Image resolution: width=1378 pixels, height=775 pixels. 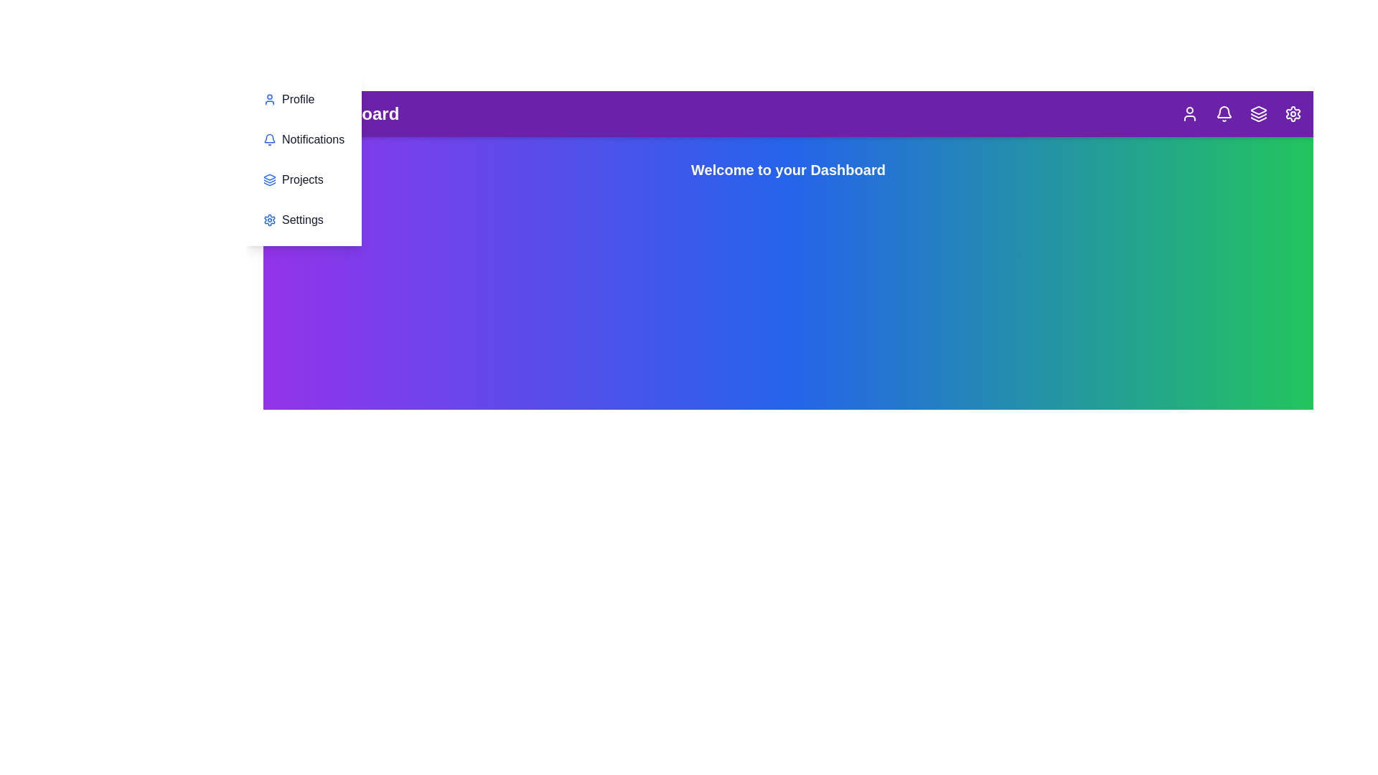 I want to click on the 'Projects' section in the menu, so click(x=302, y=179).